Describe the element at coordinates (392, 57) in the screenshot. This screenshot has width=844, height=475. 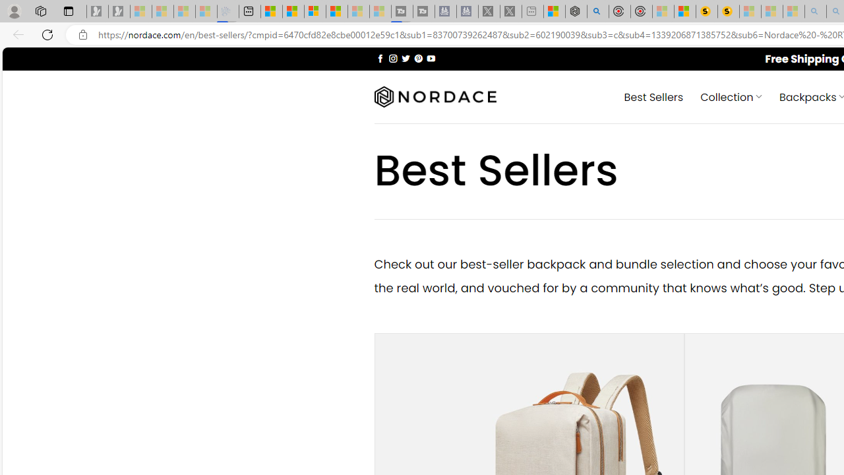
I see `'Follow on Instagram'` at that location.